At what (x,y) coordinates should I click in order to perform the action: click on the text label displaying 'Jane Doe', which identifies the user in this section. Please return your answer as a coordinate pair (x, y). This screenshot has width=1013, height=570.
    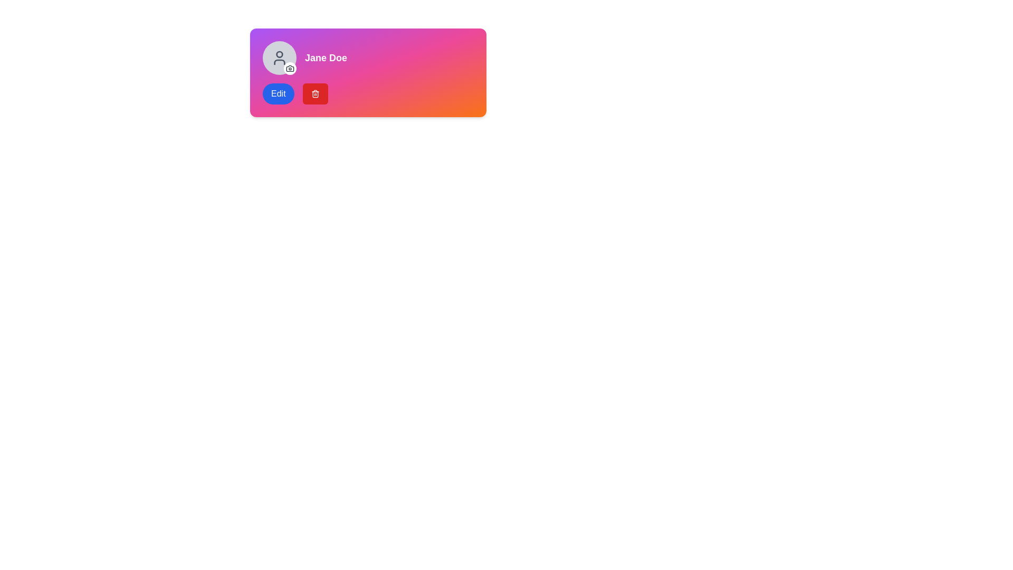
    Looking at the image, I should click on (326, 58).